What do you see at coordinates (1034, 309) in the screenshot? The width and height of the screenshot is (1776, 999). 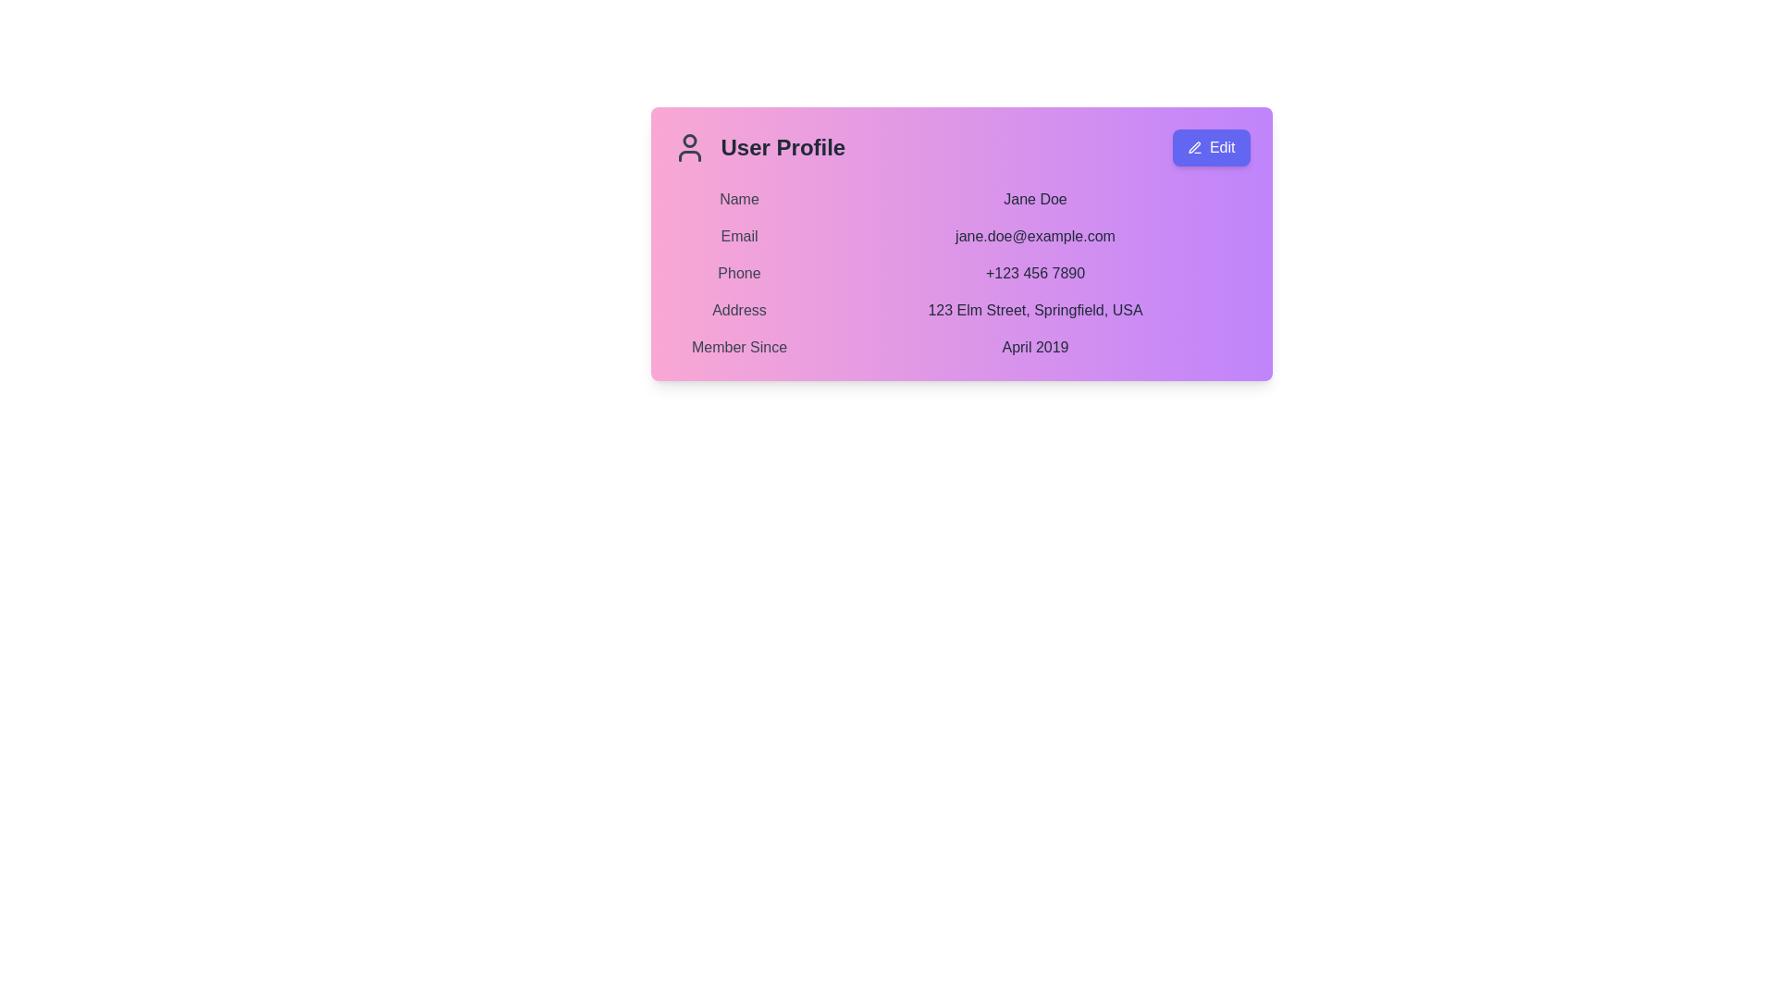 I see `the static address display element located in the fourth row of the profile card, under the 'Address' label` at bounding box center [1034, 309].